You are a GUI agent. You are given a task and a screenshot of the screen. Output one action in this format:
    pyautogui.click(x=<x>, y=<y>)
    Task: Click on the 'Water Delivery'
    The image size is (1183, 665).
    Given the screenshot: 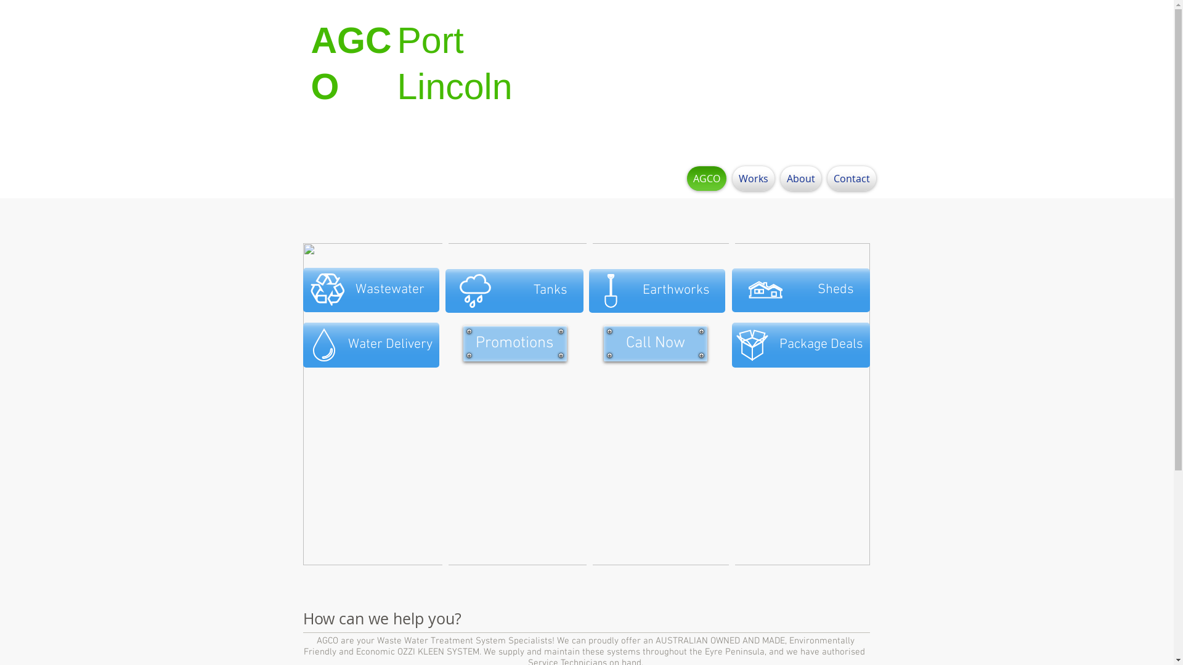 What is the action you would take?
    pyautogui.click(x=370, y=345)
    